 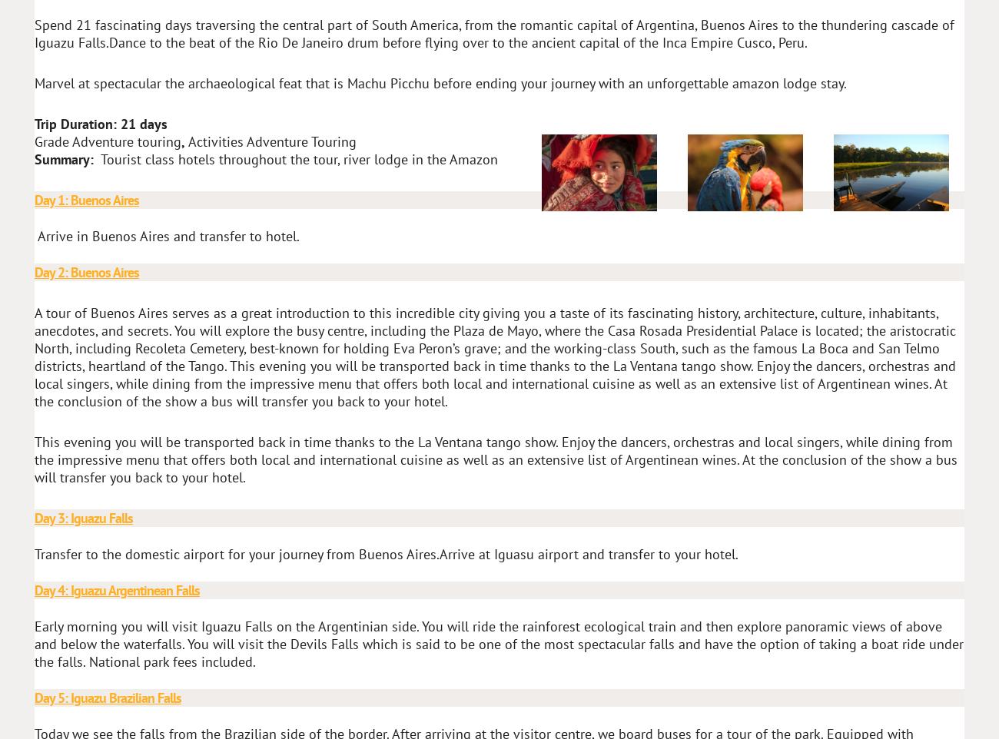 What do you see at coordinates (499, 643) in the screenshot?
I see `'Early morning you will visit Iguazu Falls on the Argentinian side. You will ride the rainforest ecological train and then explore panoramic views of above and below the waterfalls. You will visit the Devils Falls which is said to be one of the most spectacular falls and have the option of taking a boat ride under the falls. National park fees included.'` at bounding box center [499, 643].